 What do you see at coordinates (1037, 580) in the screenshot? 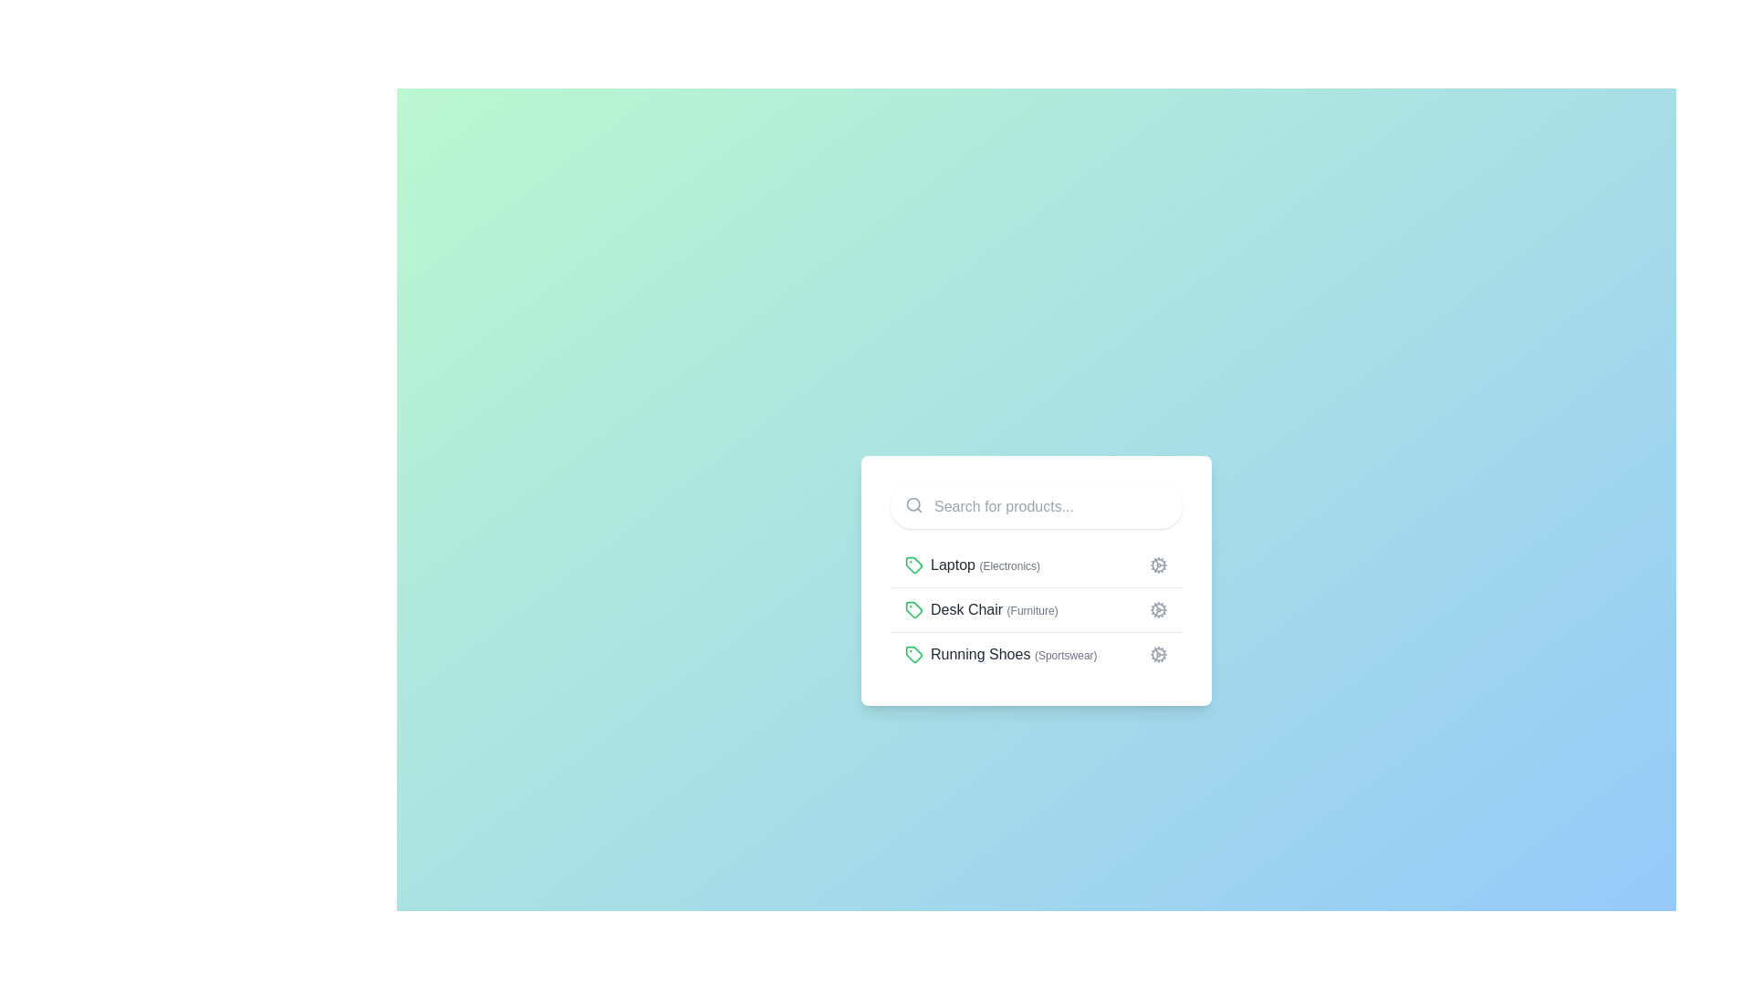
I see `the interactive list item labeled 'Laptop (Electronics)'` at bounding box center [1037, 580].